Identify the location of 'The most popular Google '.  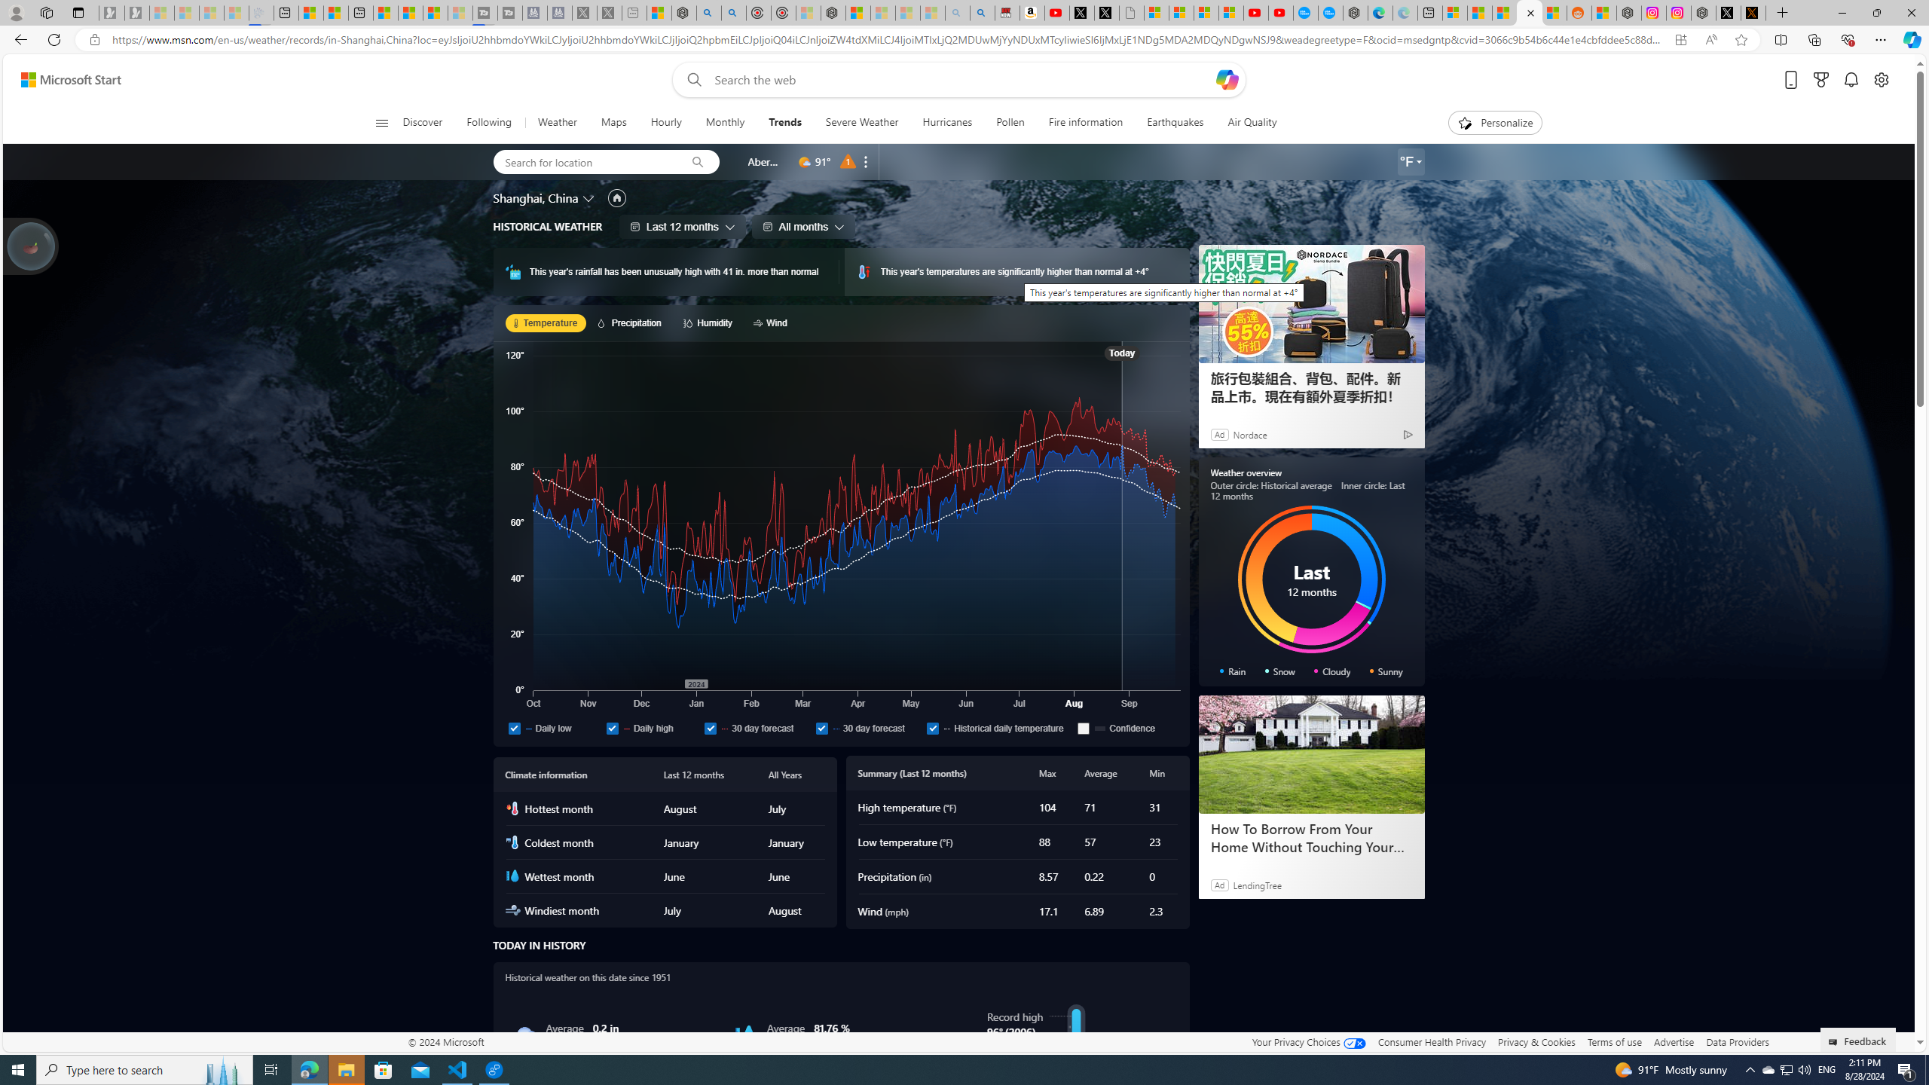
(1330, 12).